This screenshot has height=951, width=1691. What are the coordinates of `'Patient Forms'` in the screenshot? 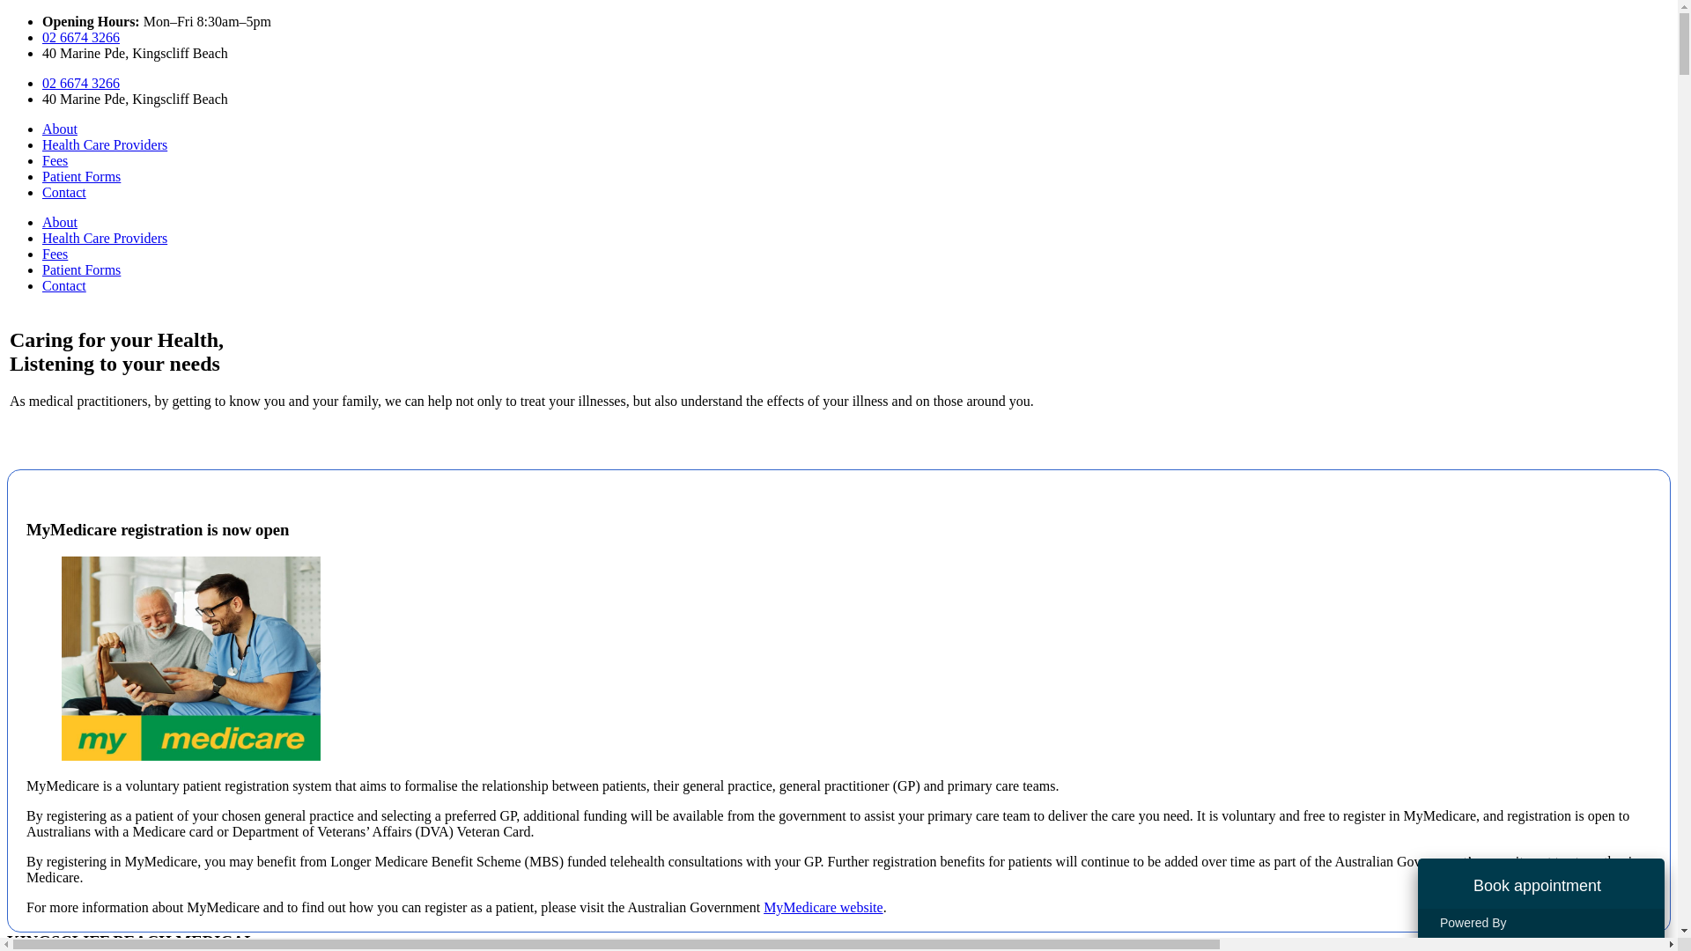 It's located at (80, 269).